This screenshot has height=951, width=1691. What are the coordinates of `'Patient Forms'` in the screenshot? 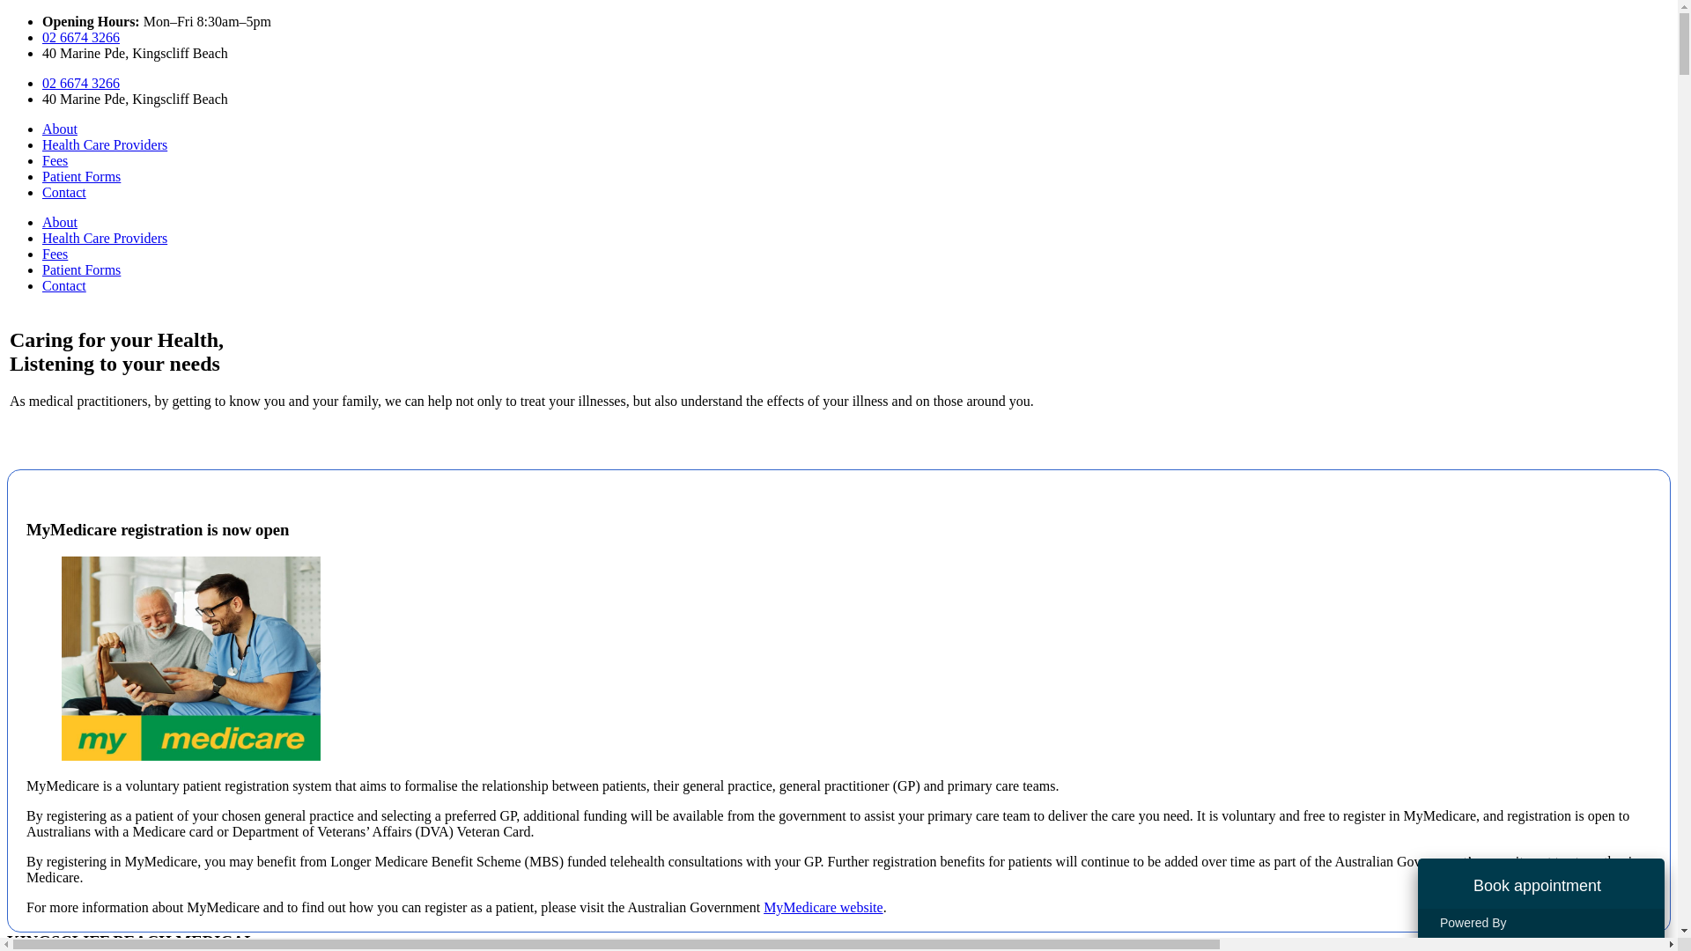 It's located at (80, 269).